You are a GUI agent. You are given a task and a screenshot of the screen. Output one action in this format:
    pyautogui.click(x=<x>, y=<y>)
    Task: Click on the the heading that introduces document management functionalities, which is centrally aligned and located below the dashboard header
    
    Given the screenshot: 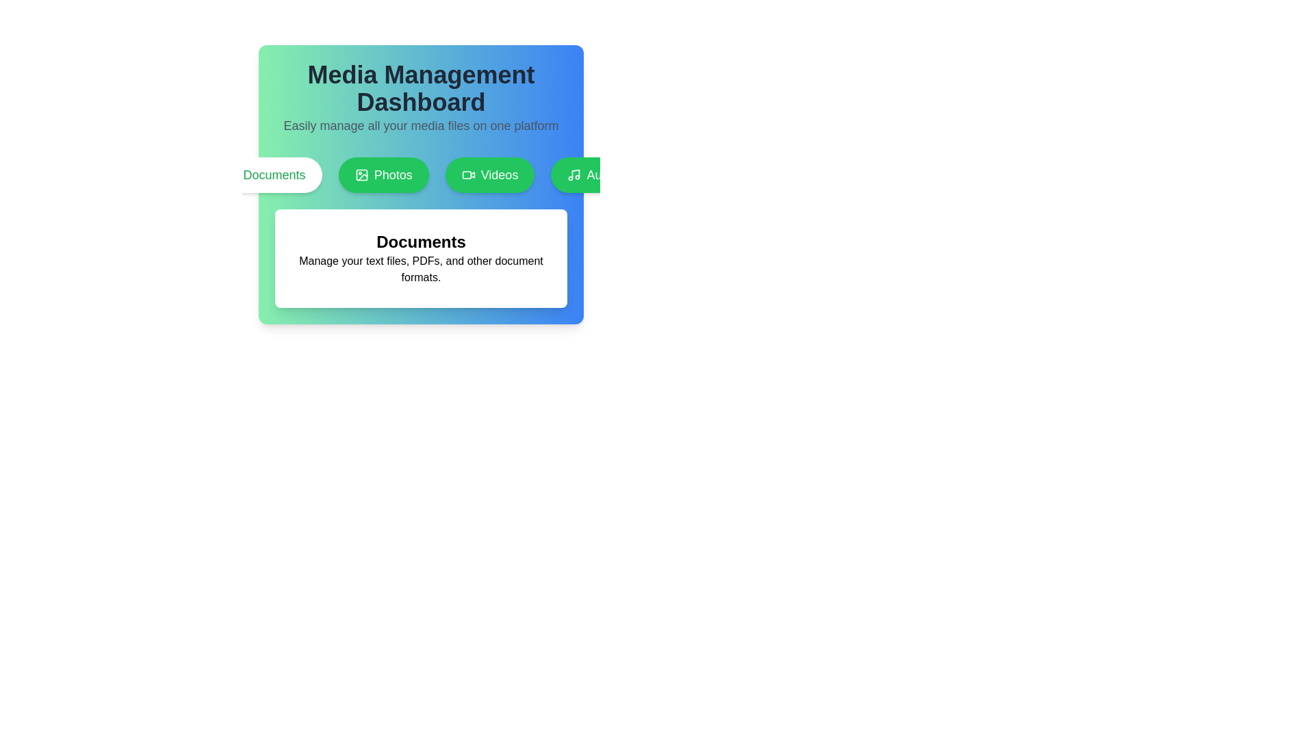 What is the action you would take?
    pyautogui.click(x=420, y=242)
    